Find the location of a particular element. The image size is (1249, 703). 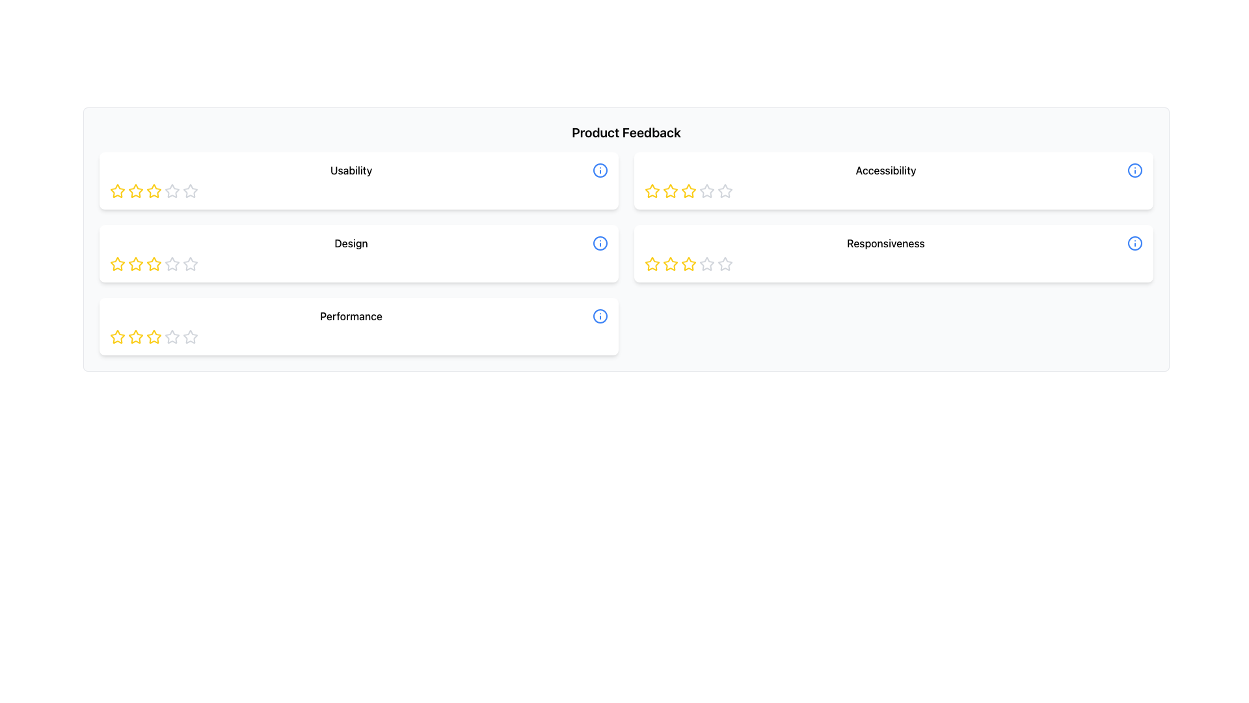

the third star in the five-star rating system for the 'Usability' feedback row is located at coordinates (189, 191).